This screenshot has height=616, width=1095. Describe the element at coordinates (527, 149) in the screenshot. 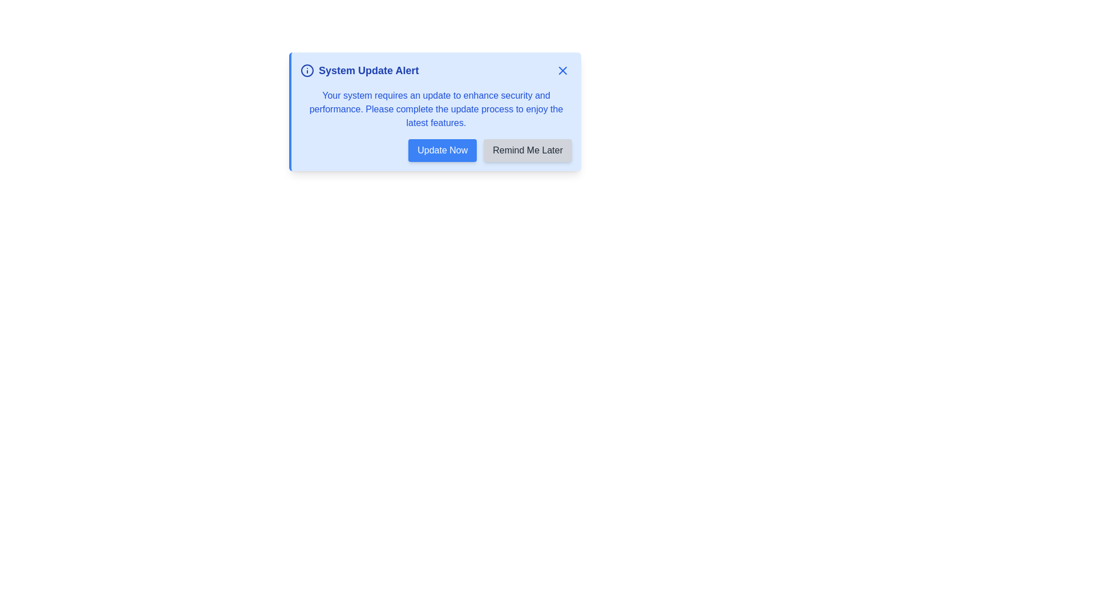

I see `the postpone button located in the lower right section of the dialog box, to the right of the 'Update Now' button, to postpone the action` at that location.